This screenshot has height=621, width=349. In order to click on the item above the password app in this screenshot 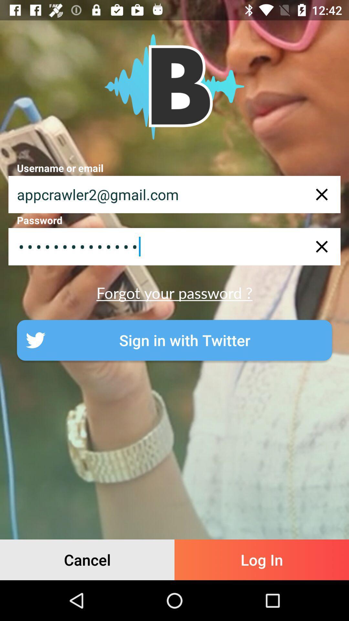, I will do `click(174, 194)`.